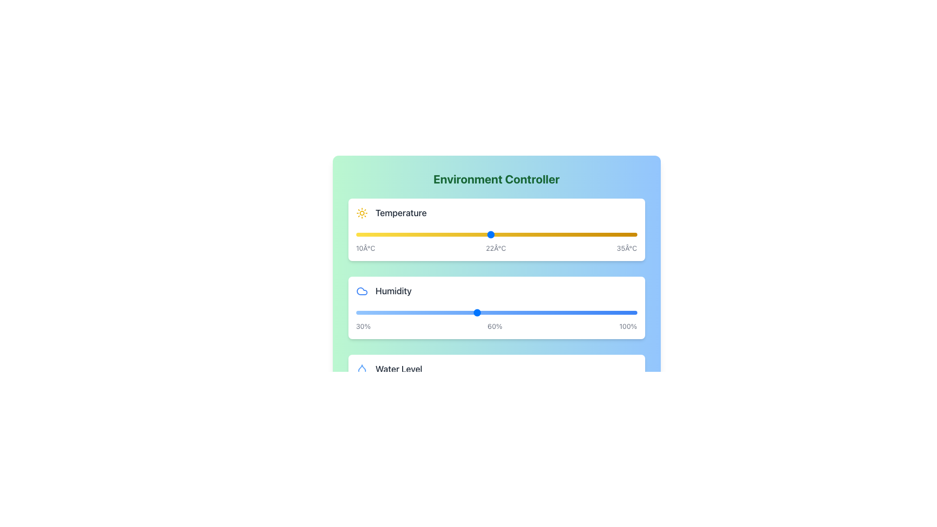 The width and height of the screenshot is (937, 527). What do you see at coordinates (468, 235) in the screenshot?
I see `the temperature` at bounding box center [468, 235].